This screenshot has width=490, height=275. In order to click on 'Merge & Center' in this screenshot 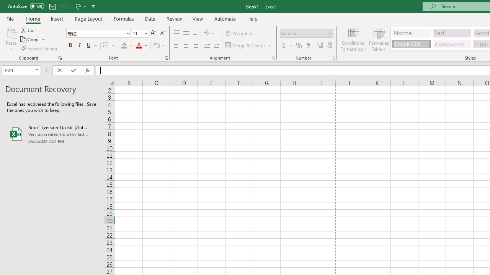, I will do `click(245, 45)`.